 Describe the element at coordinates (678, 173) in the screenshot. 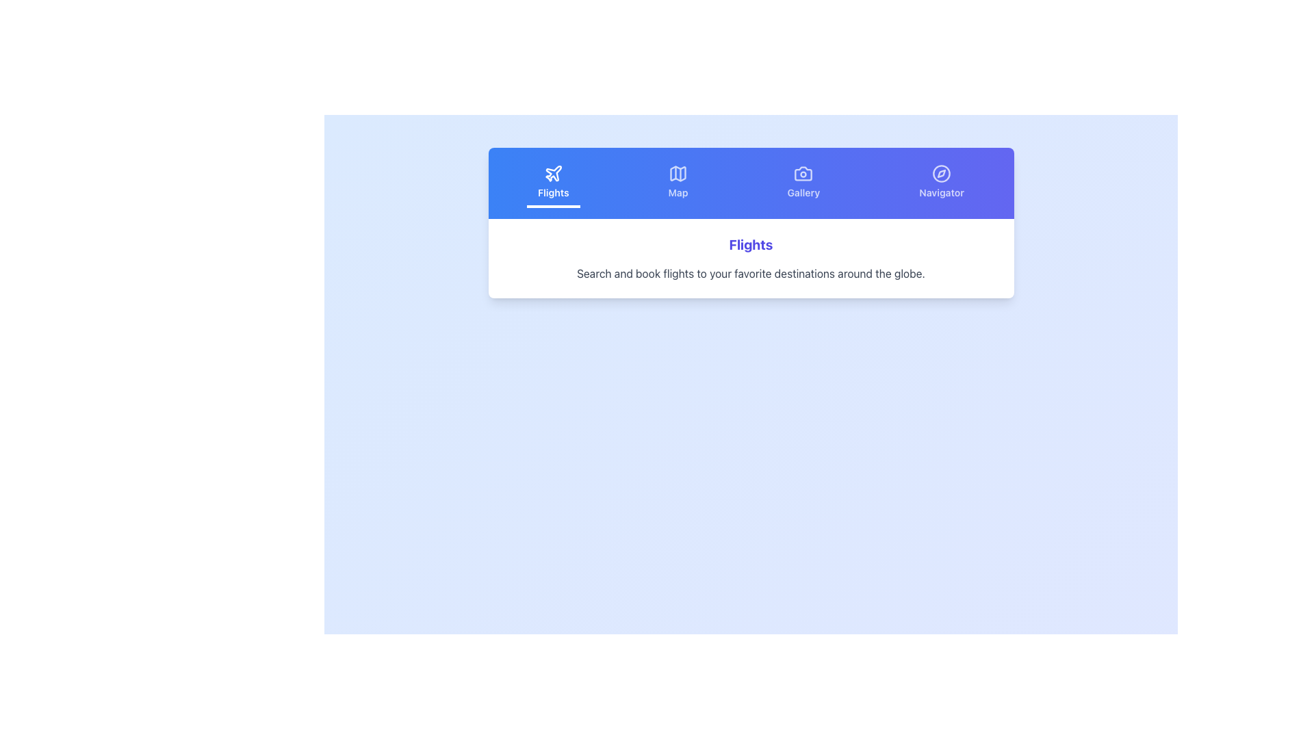

I see `the SVG icon representing the 'Map' navigation option in the horizontal navigation bar` at that location.